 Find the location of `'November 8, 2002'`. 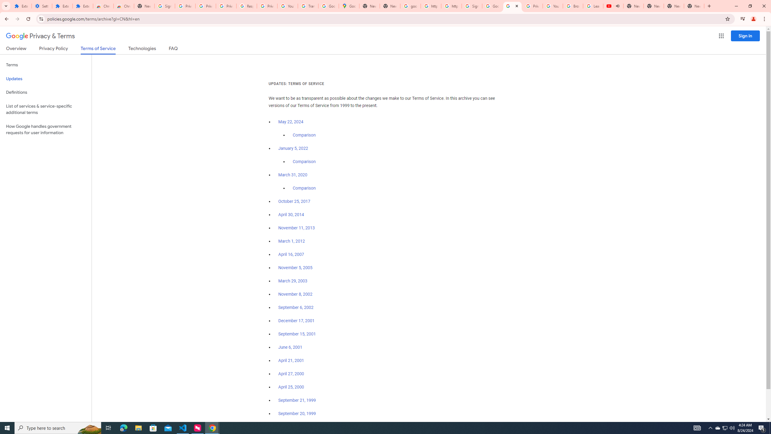

'November 8, 2002' is located at coordinates (295, 294).